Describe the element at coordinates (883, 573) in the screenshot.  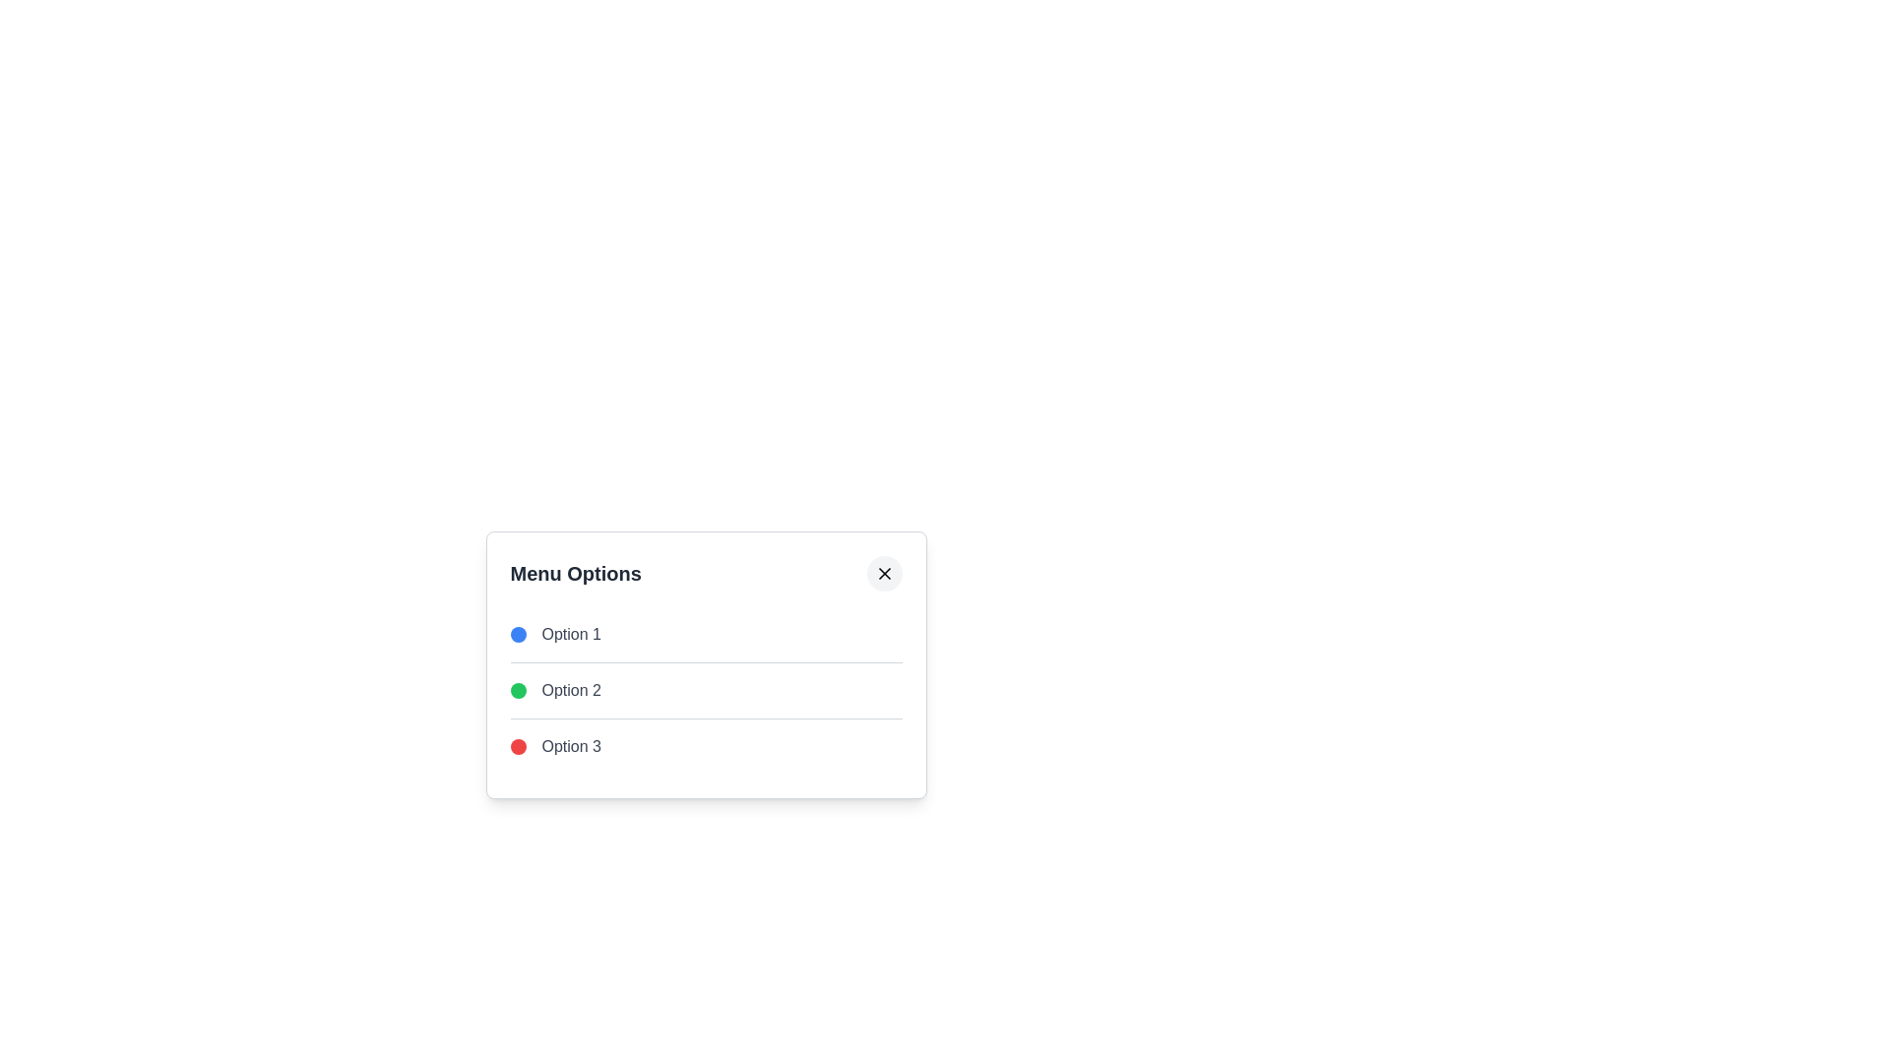
I see `the circular gray button with an 'X' icon located at the top-right corner of the 'Menu Options' box` at that location.